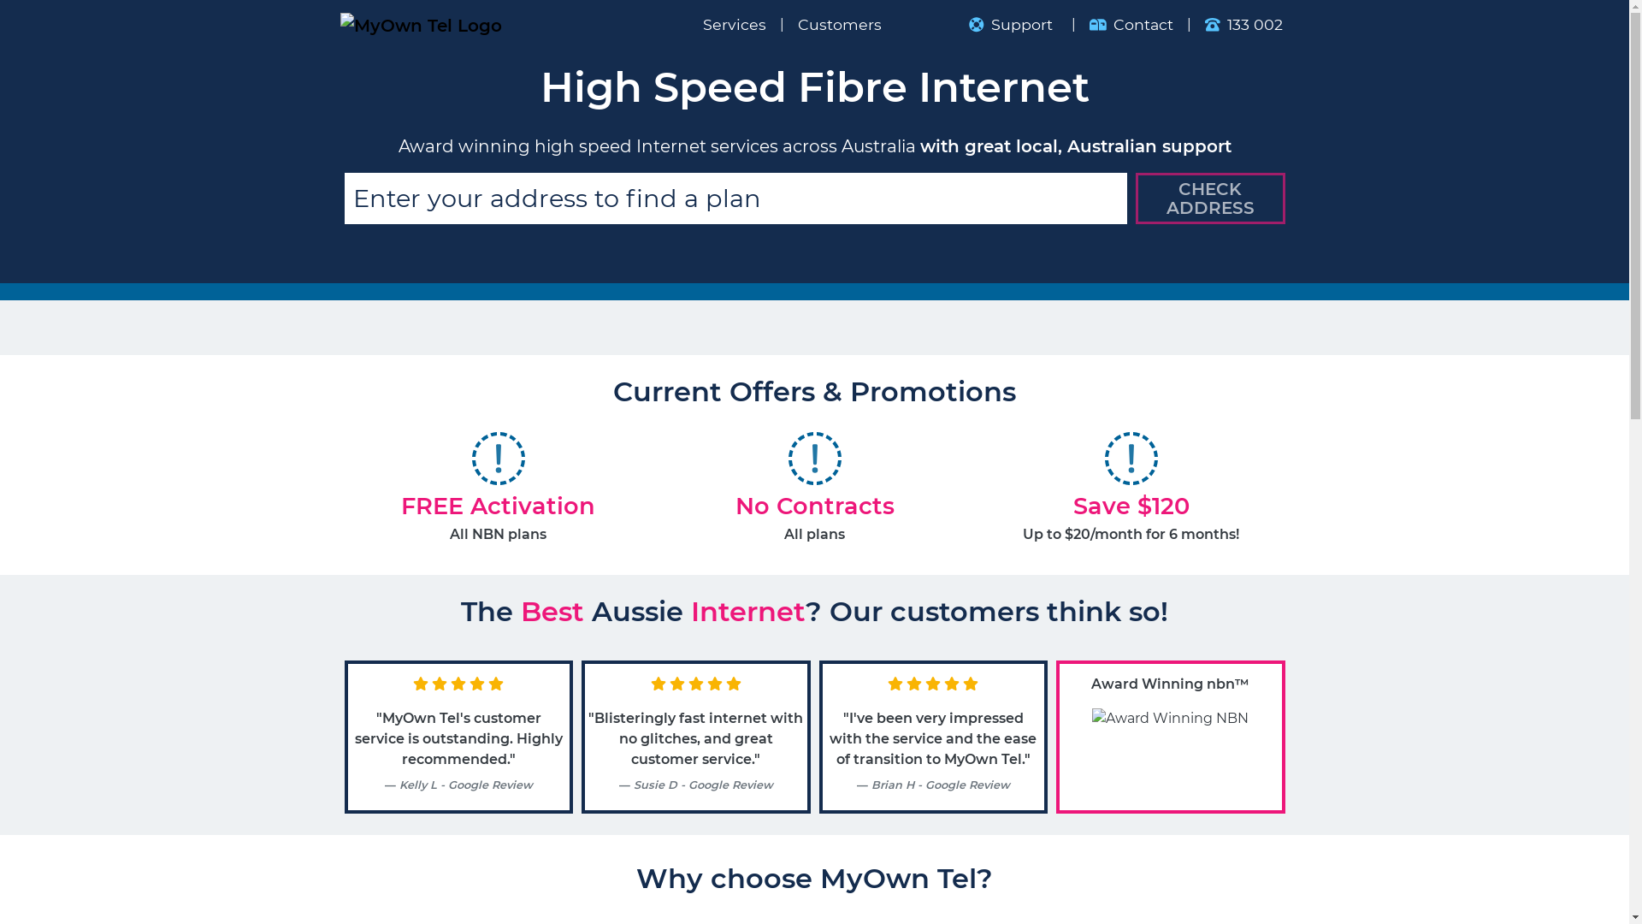 The width and height of the screenshot is (1642, 924). Describe the element at coordinates (842, 25) in the screenshot. I see `'Customers'` at that location.